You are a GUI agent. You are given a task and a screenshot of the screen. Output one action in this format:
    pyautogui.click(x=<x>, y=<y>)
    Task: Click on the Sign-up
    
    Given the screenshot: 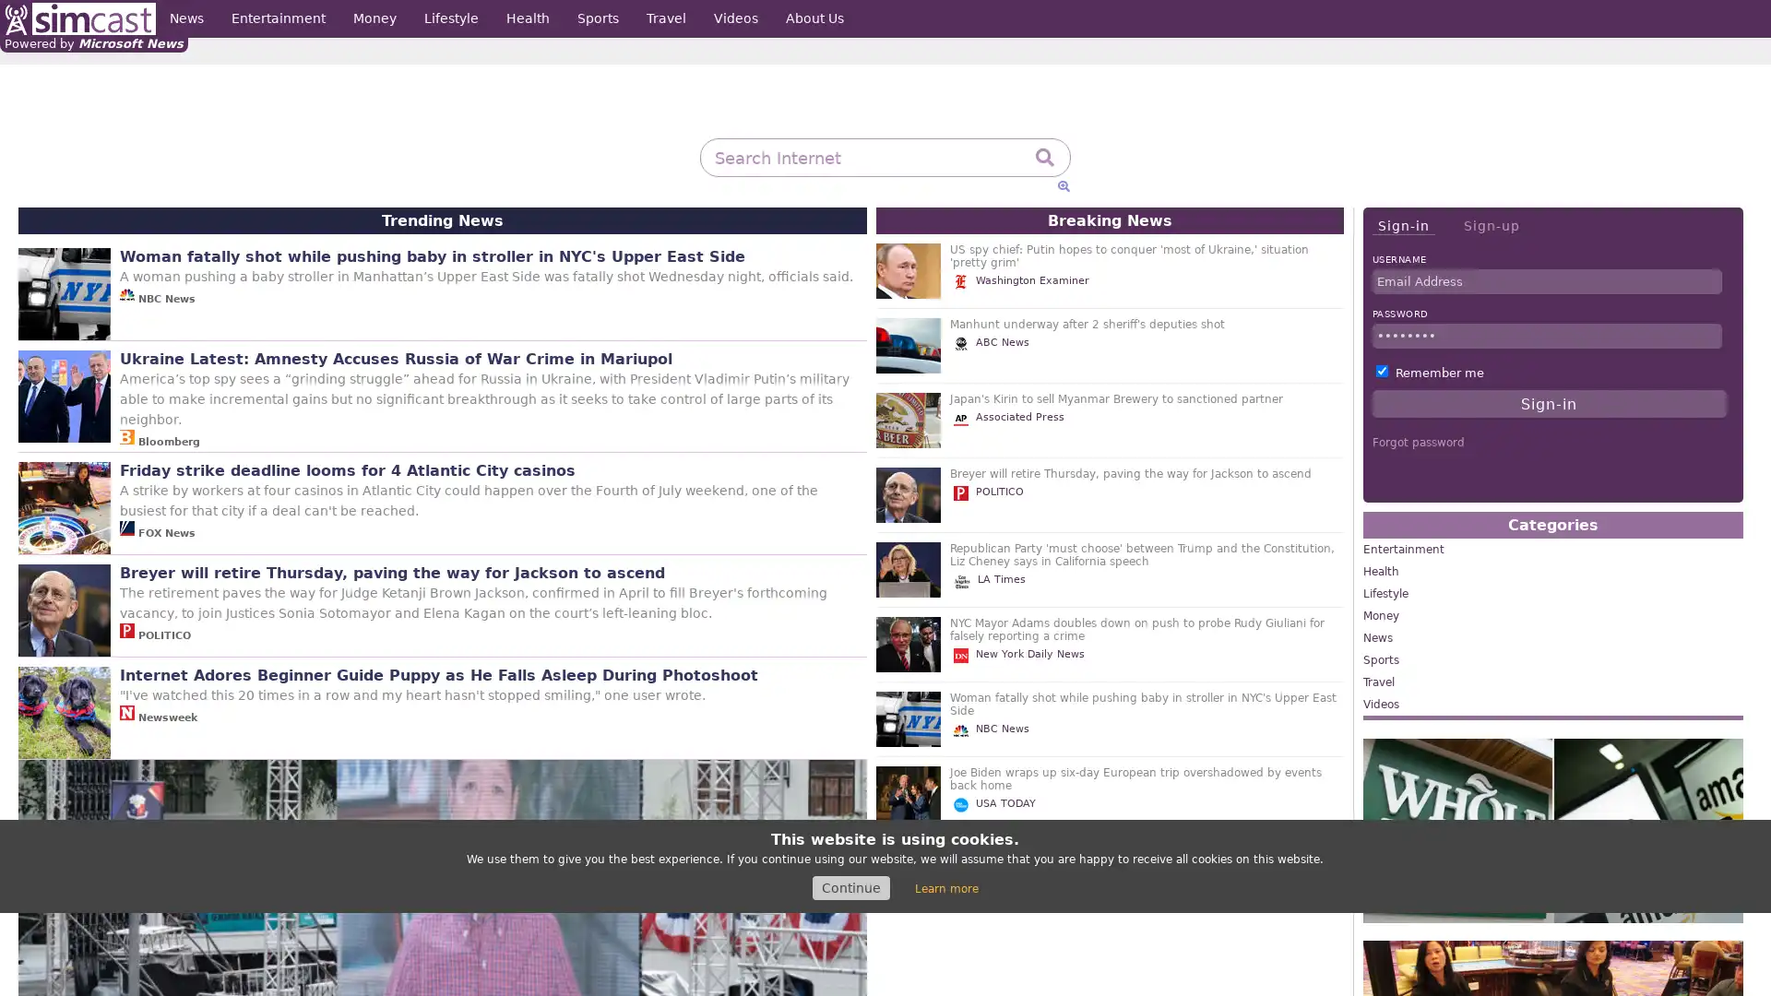 What is the action you would take?
    pyautogui.click(x=1491, y=225)
    